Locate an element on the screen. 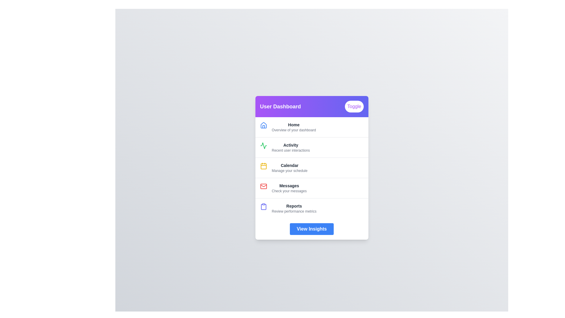 Image resolution: width=565 pixels, height=318 pixels. the menu item corresponding to Messages is located at coordinates (289, 188).